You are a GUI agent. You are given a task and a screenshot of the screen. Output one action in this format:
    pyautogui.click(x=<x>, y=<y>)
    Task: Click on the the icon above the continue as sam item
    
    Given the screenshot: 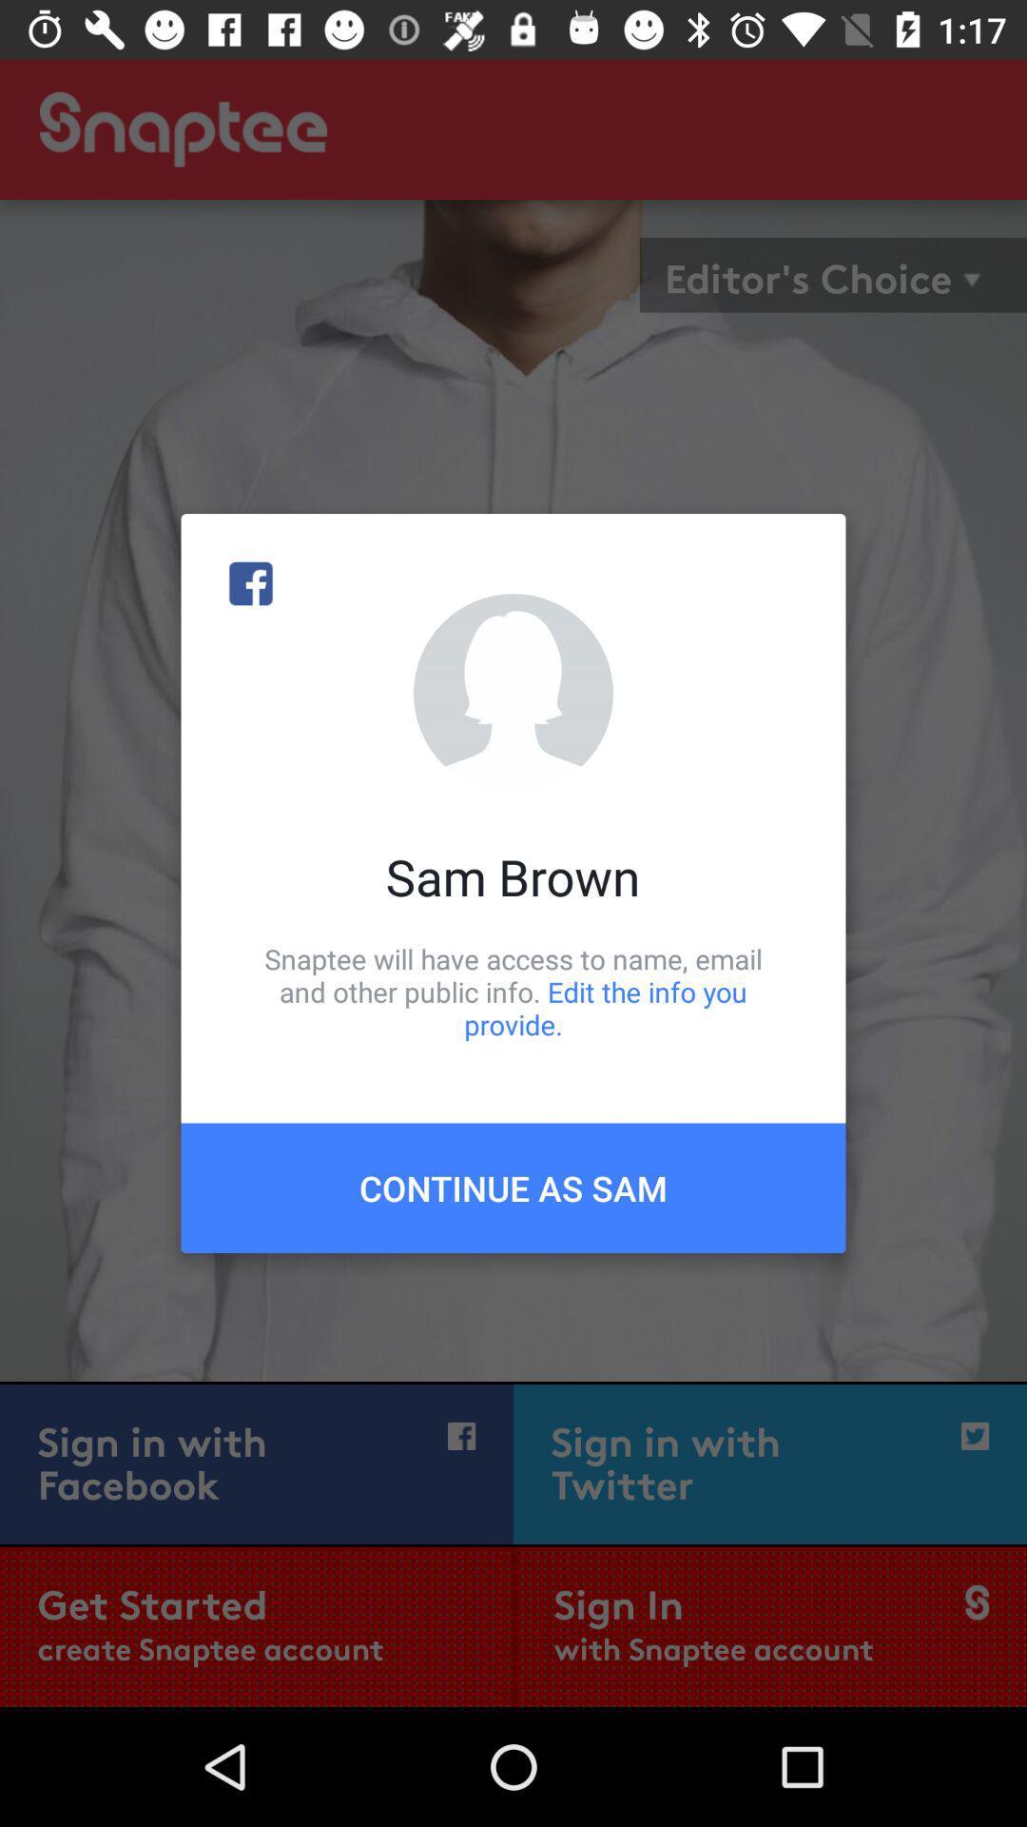 What is the action you would take?
    pyautogui.click(x=513, y=991)
    